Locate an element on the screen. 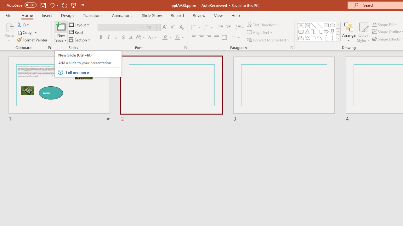 This screenshot has height=226, width=403. 'Font Color Red' is located at coordinates (177, 37).